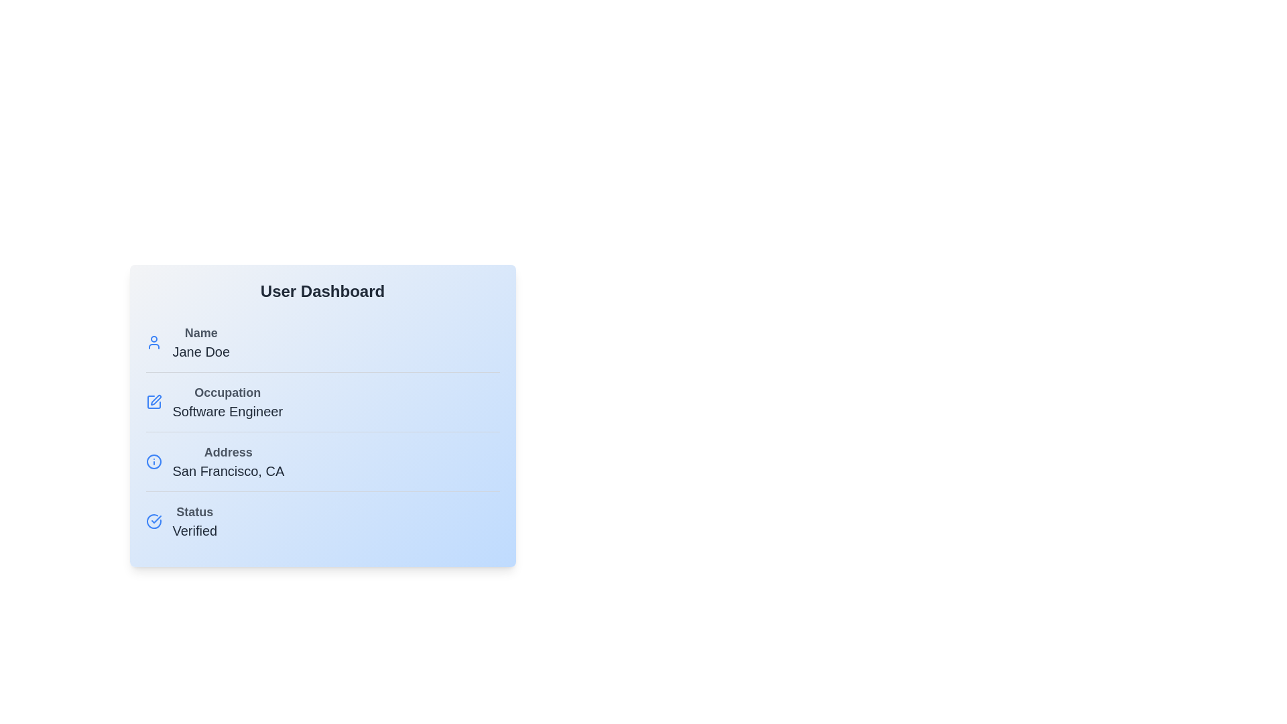  Describe the element at coordinates (227, 392) in the screenshot. I see `the Text Label indicating the user's occupation, which is positioned between the 'Name' and 'Address' sections in the user information panel` at that location.